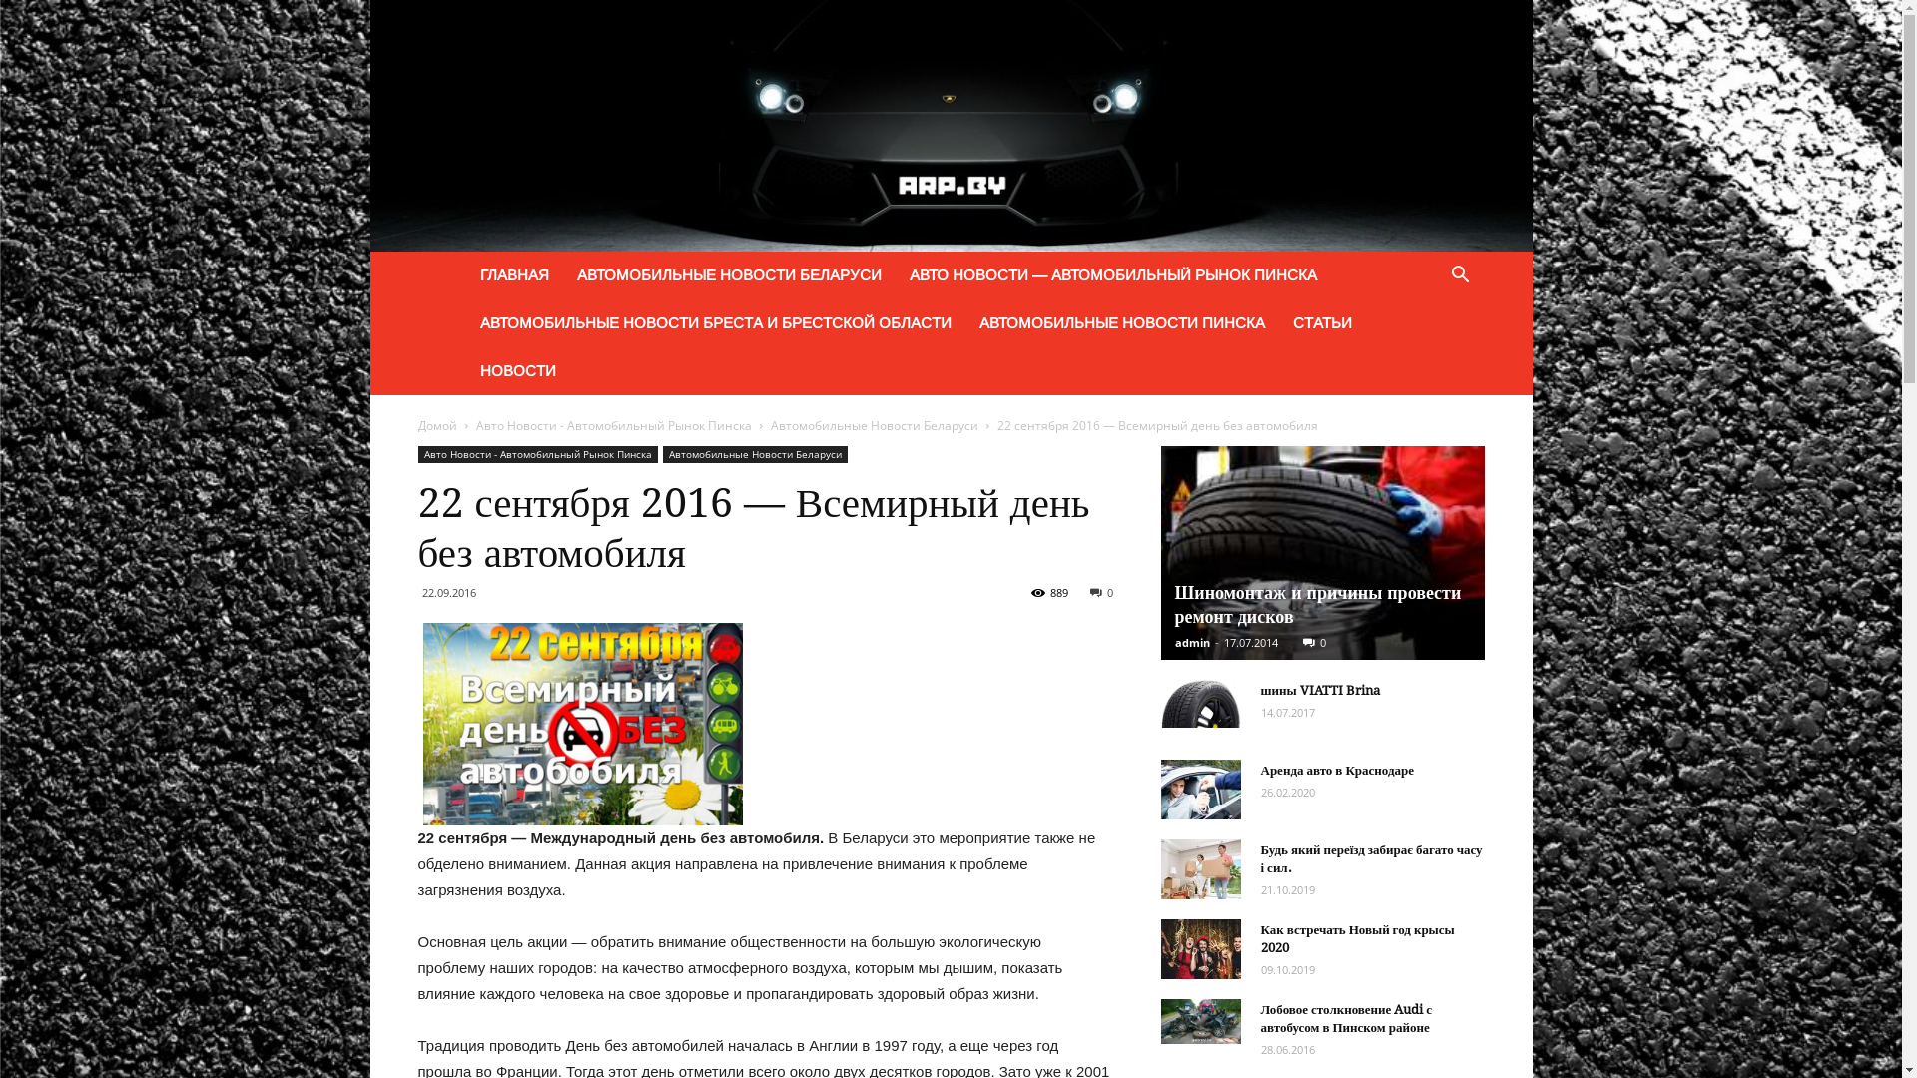  I want to click on 'admin', so click(1191, 642).